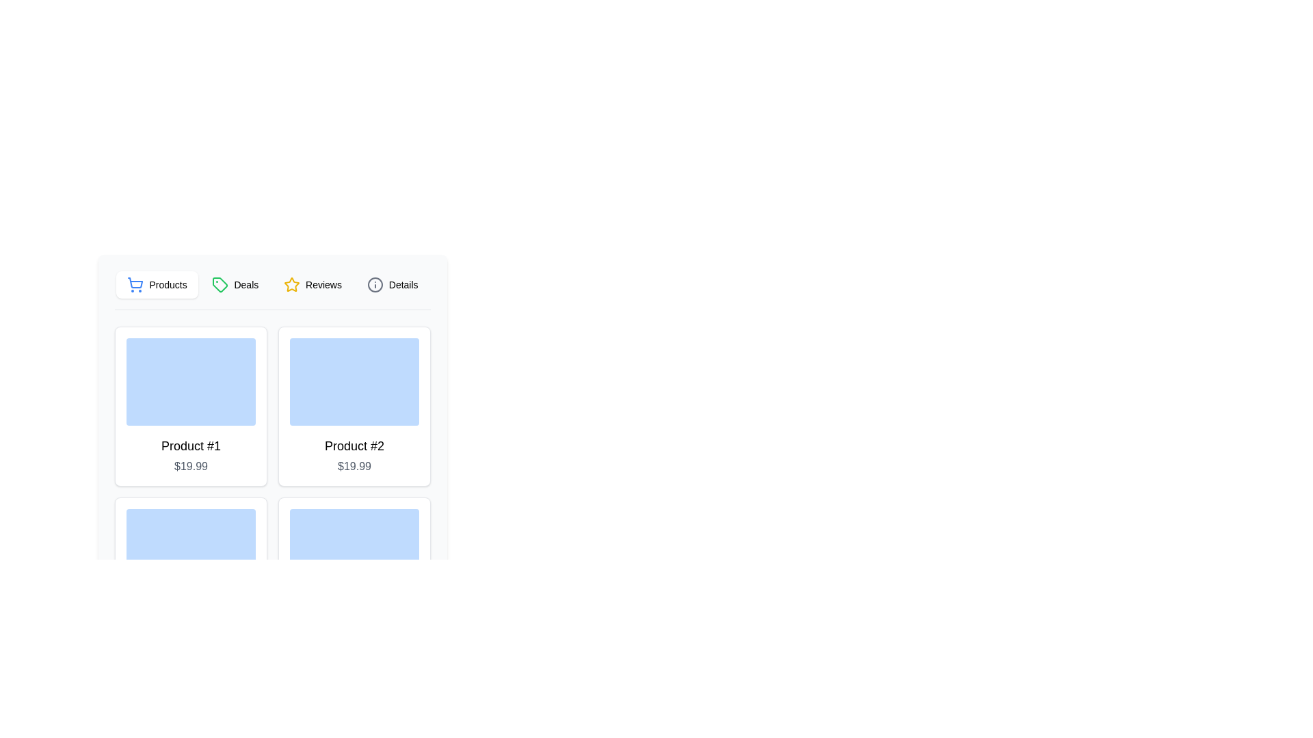  What do you see at coordinates (312, 284) in the screenshot?
I see `the third navigation link or button in the top navigation bar that directs to the reviews section` at bounding box center [312, 284].